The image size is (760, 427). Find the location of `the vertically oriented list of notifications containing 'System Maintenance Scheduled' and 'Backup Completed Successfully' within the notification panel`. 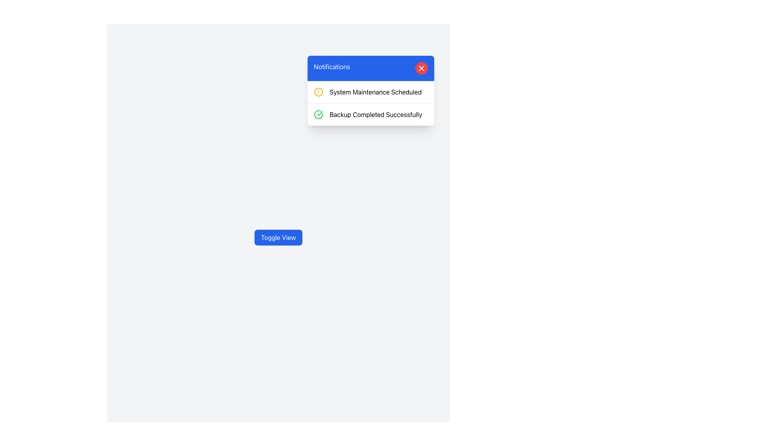

the vertically oriented list of notifications containing 'System Maintenance Scheduled' and 'Backup Completed Successfully' within the notification panel is located at coordinates (370, 103).